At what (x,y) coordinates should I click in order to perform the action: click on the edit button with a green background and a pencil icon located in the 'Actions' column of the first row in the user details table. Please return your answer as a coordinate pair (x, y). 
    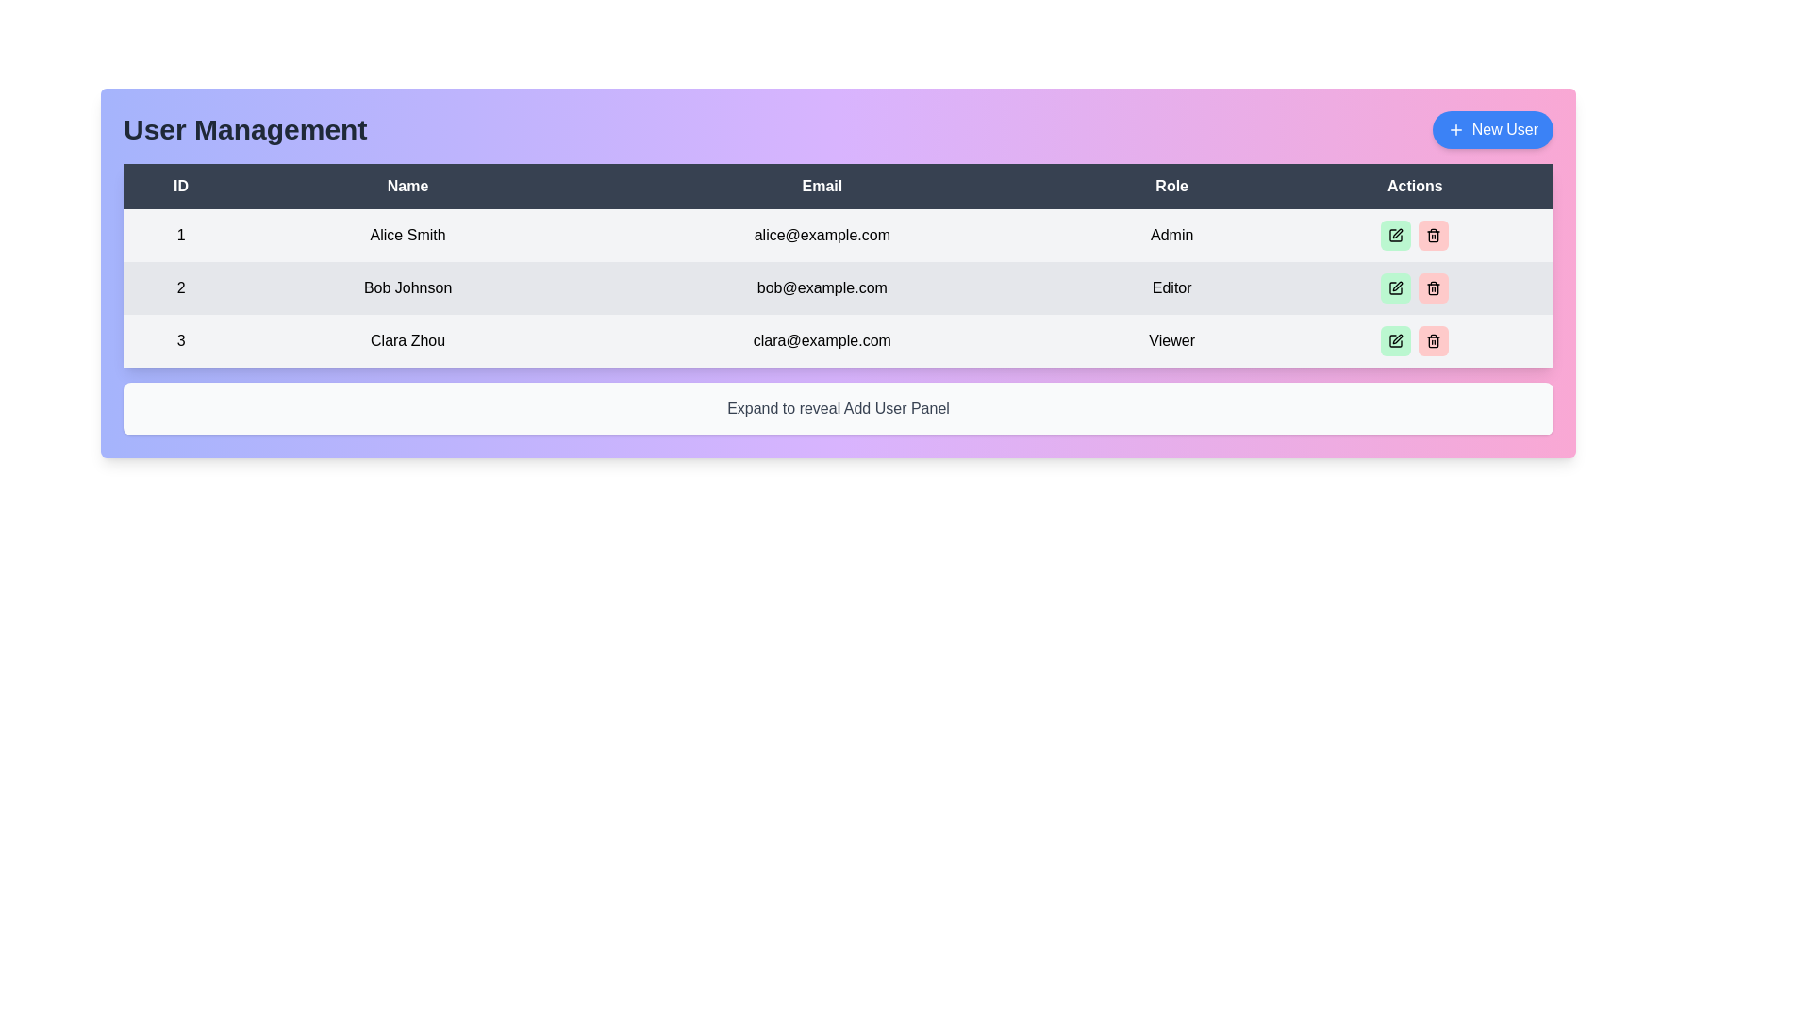
    Looking at the image, I should click on (1396, 235).